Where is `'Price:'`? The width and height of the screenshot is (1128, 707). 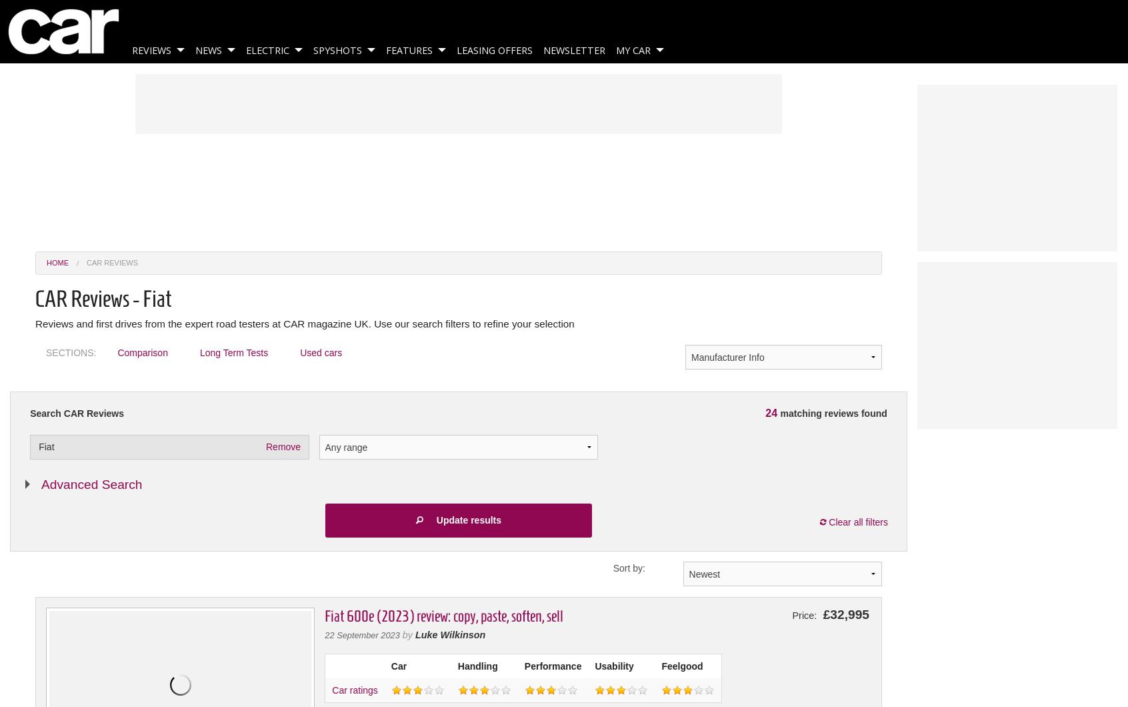 'Price:' is located at coordinates (805, 616).